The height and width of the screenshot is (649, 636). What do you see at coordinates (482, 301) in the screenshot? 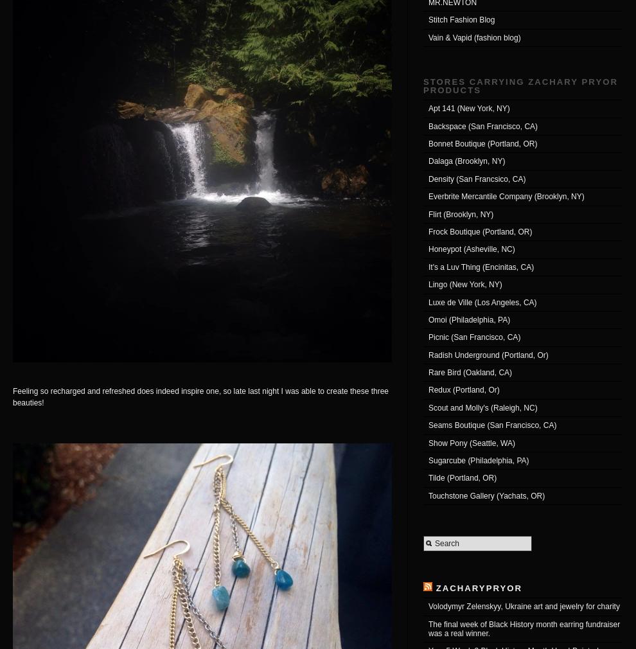
I see `'Luxe de Ville (Los Angeles, CA)'` at bounding box center [482, 301].